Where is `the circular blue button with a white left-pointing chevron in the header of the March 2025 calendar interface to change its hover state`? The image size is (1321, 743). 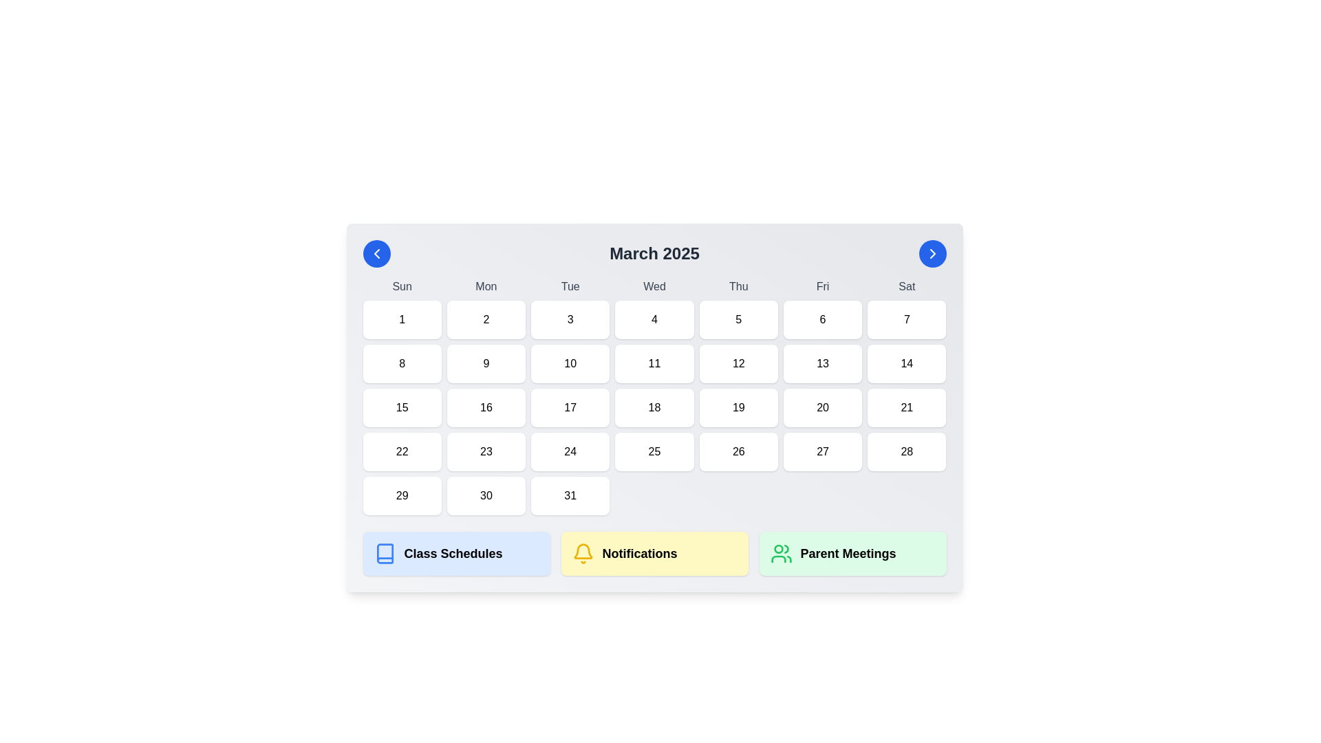
the circular blue button with a white left-pointing chevron in the header of the March 2025 calendar interface to change its hover state is located at coordinates (376, 254).